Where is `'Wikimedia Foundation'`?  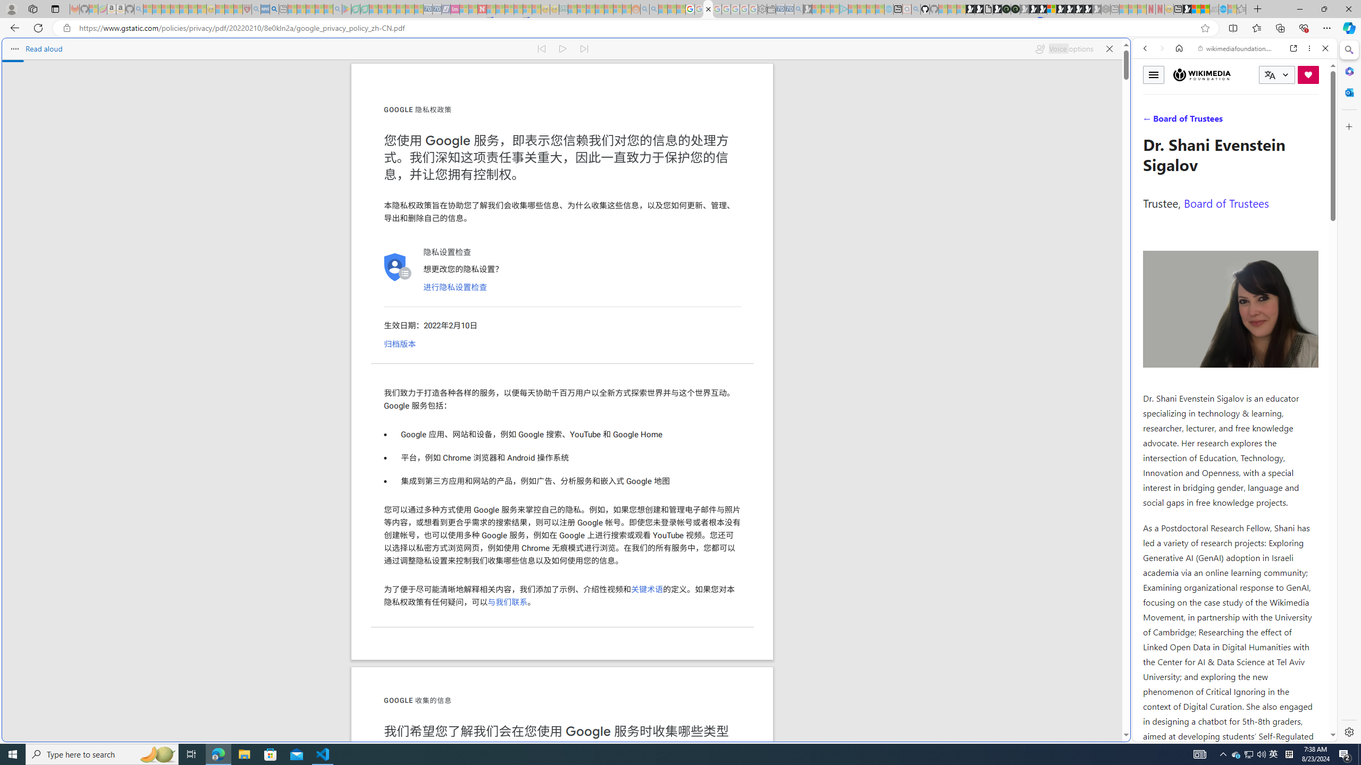 'Wikimedia Foundation' is located at coordinates (1201, 75).